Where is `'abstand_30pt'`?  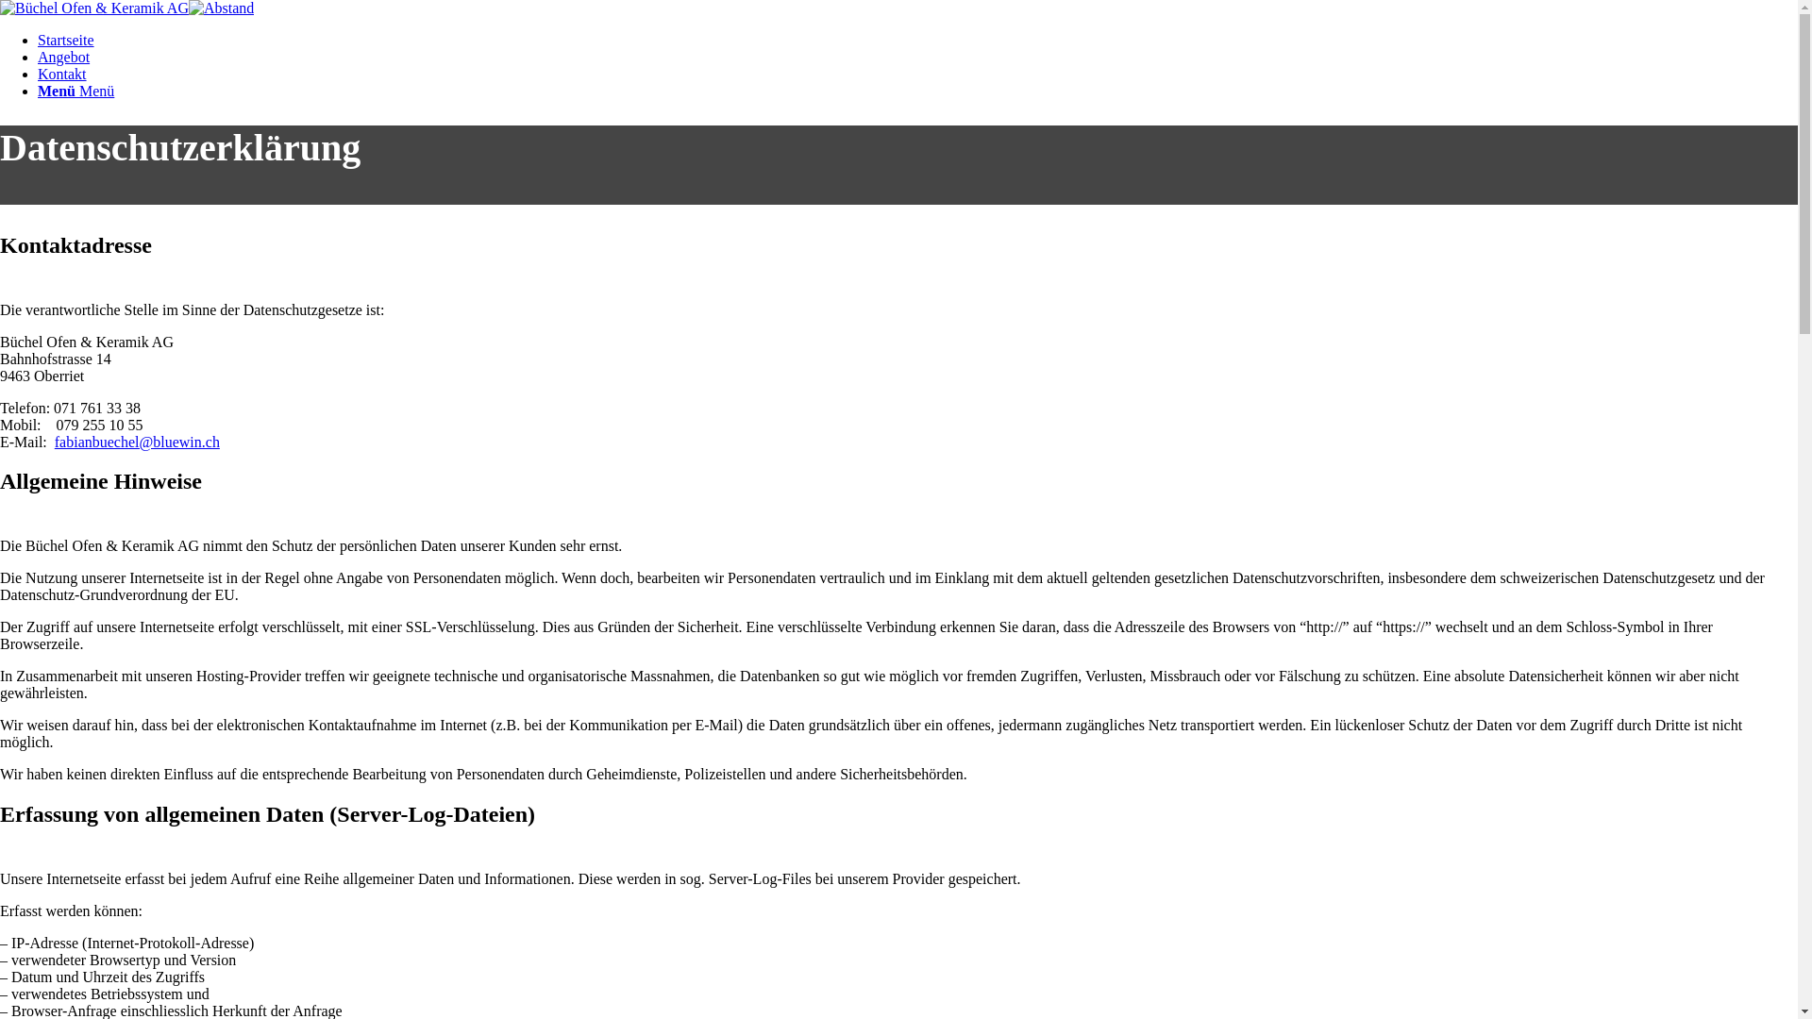 'abstand_30pt' is located at coordinates (189, 8).